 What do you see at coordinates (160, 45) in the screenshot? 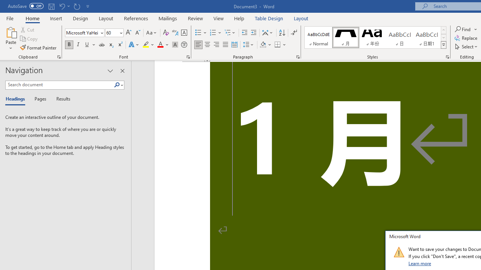
I see `'Font Color RGB(255, 0, 0)'` at bounding box center [160, 45].